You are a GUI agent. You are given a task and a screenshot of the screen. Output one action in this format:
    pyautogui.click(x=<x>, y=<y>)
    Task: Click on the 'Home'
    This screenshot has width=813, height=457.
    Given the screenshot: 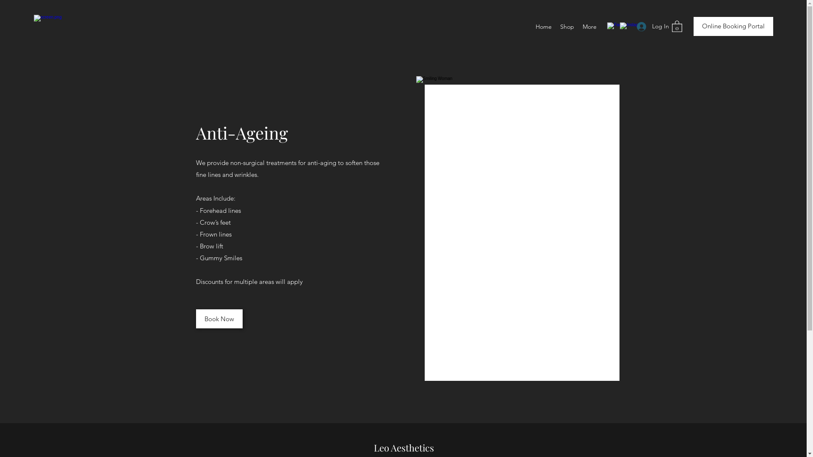 What is the action you would take?
    pyautogui.click(x=543, y=26)
    